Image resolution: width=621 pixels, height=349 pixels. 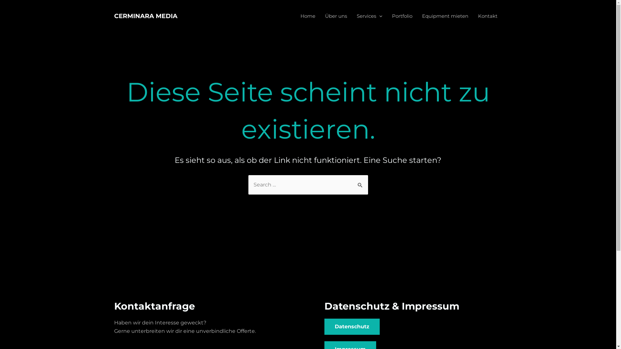 What do you see at coordinates (445, 16) in the screenshot?
I see `'Equipment mieten'` at bounding box center [445, 16].